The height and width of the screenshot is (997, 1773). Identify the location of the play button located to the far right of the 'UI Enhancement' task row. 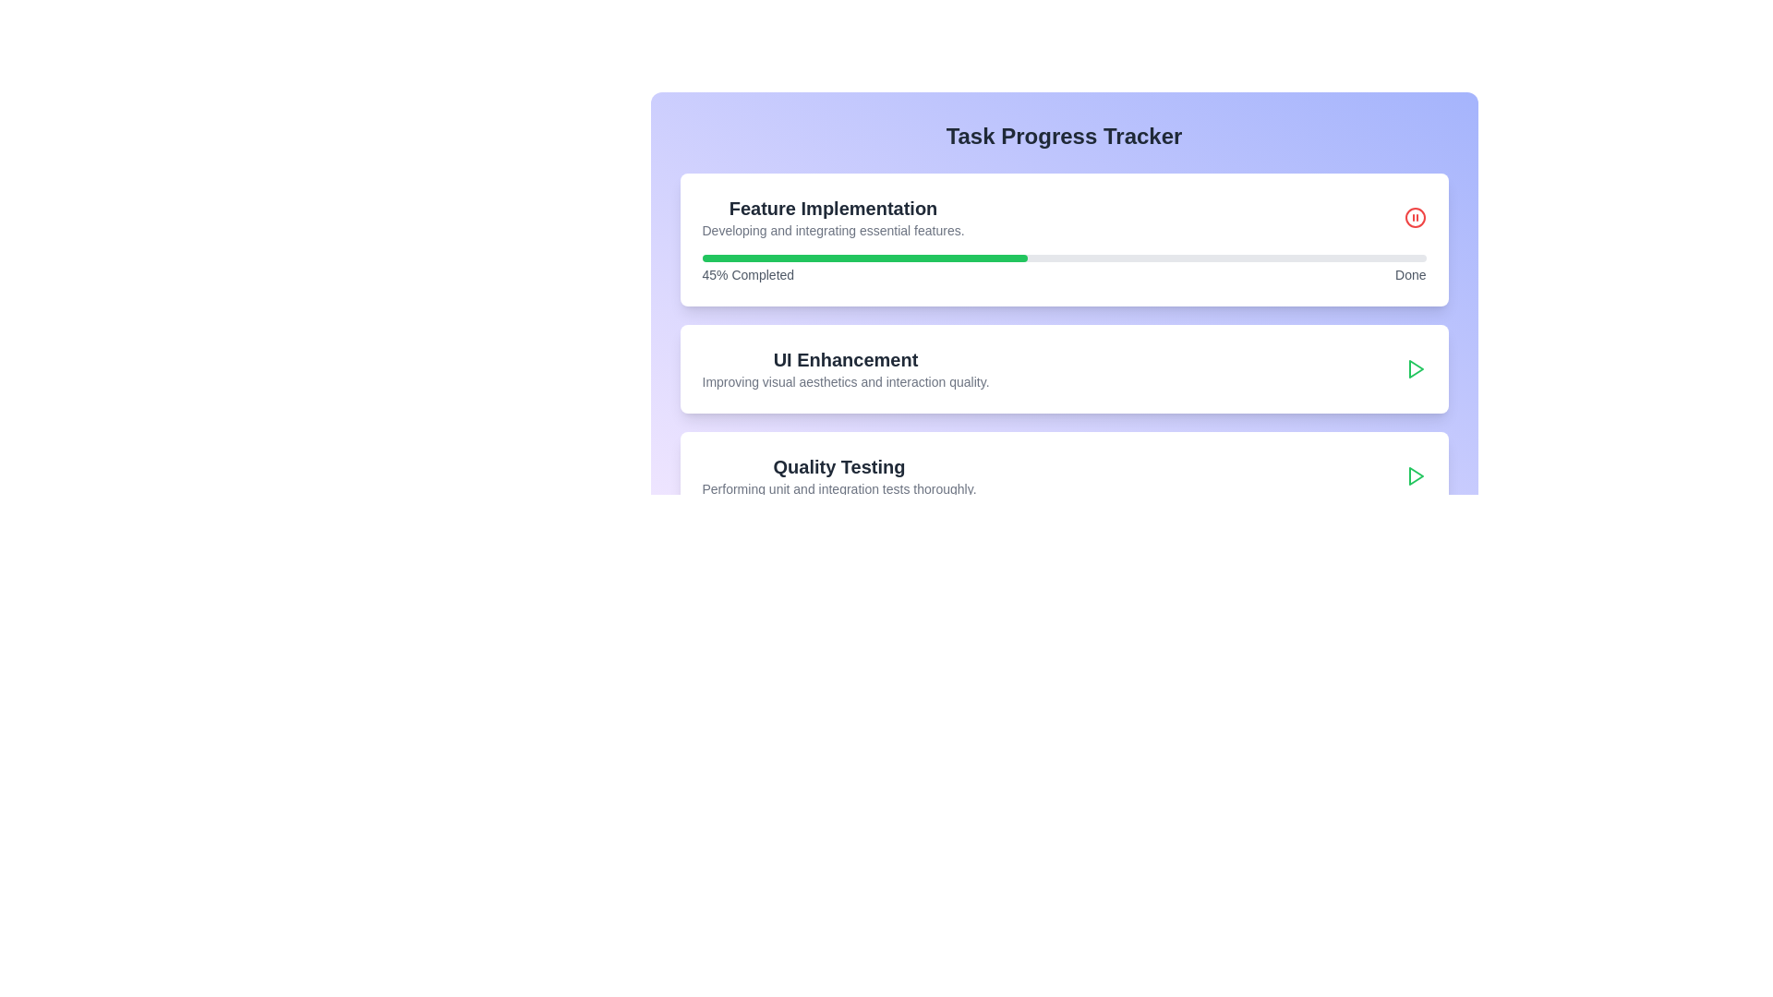
(1414, 369).